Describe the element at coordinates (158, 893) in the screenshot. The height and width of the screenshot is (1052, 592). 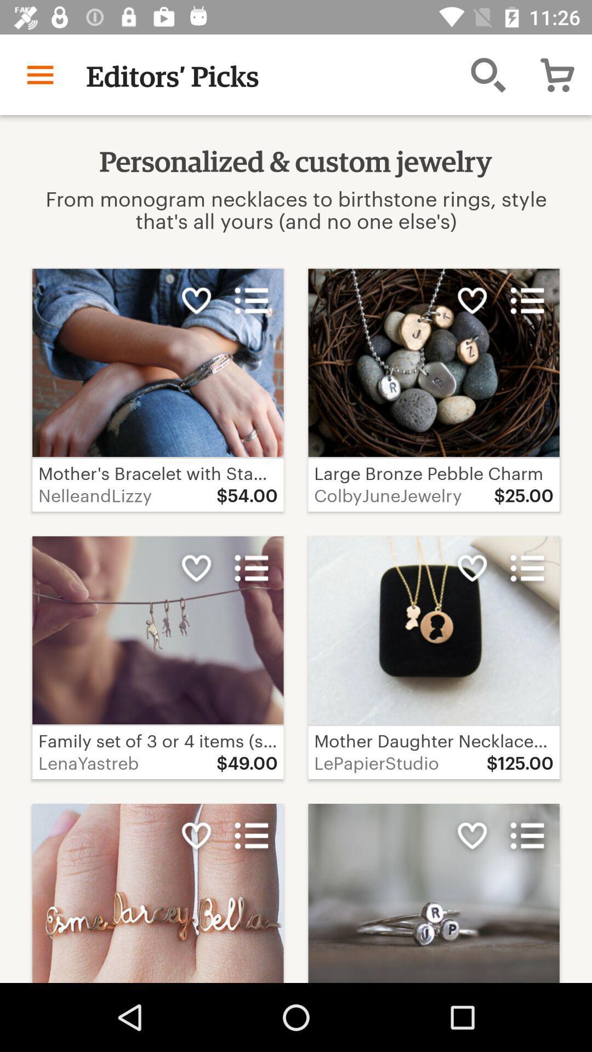
I see `the image on the bottom left corner of the web page` at that location.